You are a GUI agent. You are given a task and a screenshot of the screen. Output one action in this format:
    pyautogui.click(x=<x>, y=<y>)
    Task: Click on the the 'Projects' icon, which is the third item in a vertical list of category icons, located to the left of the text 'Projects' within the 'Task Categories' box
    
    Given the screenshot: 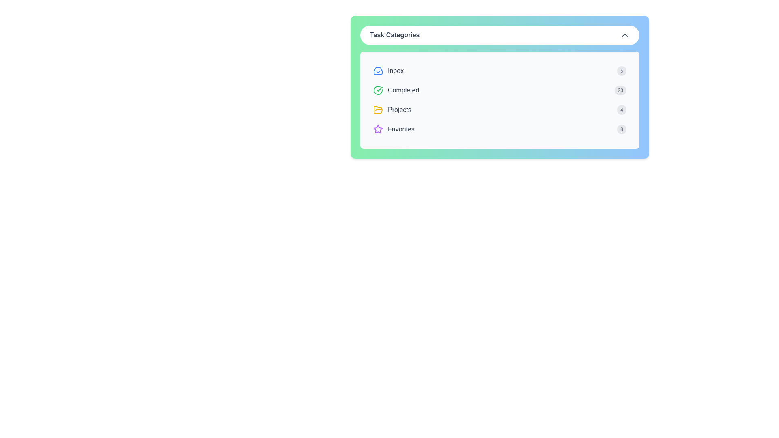 What is the action you would take?
    pyautogui.click(x=377, y=109)
    